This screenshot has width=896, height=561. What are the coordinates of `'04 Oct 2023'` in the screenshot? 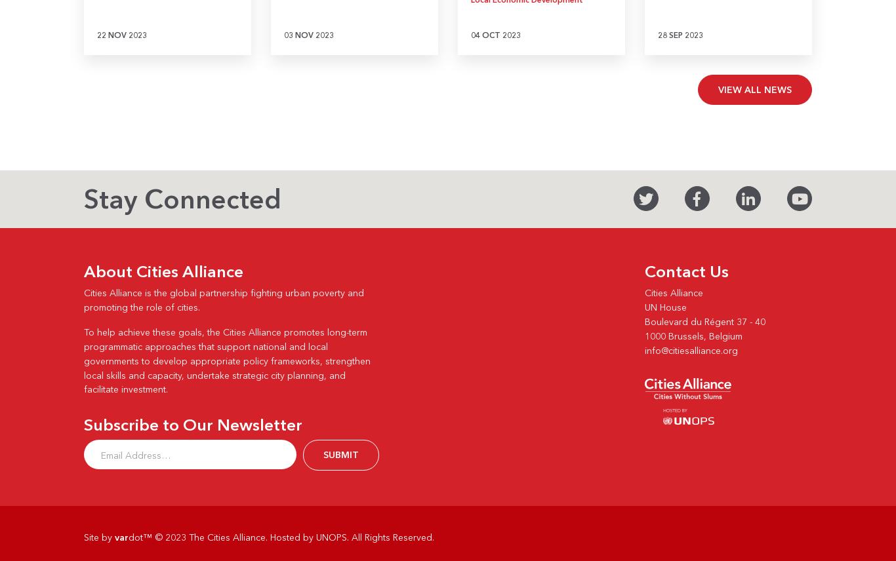 It's located at (495, 34).